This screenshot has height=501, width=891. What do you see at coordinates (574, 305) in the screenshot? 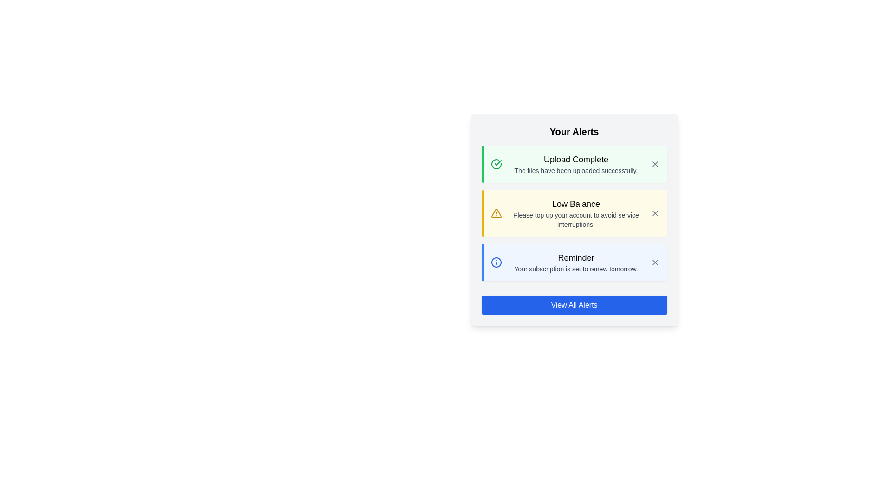
I see `the button located at the bottom center of the 'Your Alerts' card` at bounding box center [574, 305].